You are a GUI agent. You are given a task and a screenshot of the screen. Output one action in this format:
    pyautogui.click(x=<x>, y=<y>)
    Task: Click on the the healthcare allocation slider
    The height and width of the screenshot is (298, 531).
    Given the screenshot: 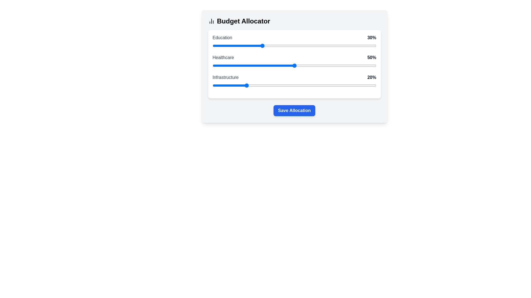 What is the action you would take?
    pyautogui.click(x=355, y=65)
    